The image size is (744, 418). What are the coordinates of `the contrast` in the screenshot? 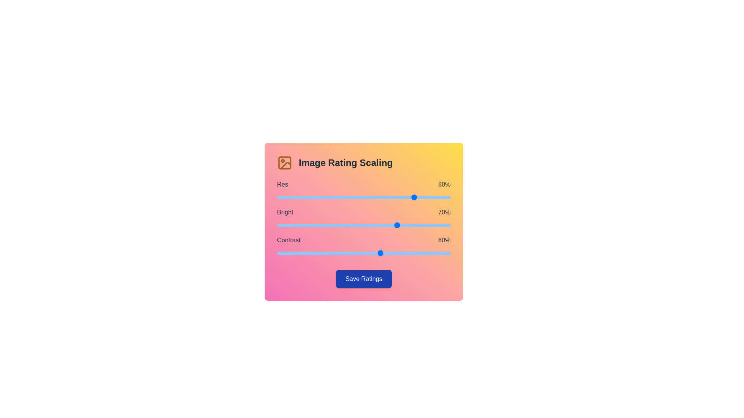 It's located at (327, 253).